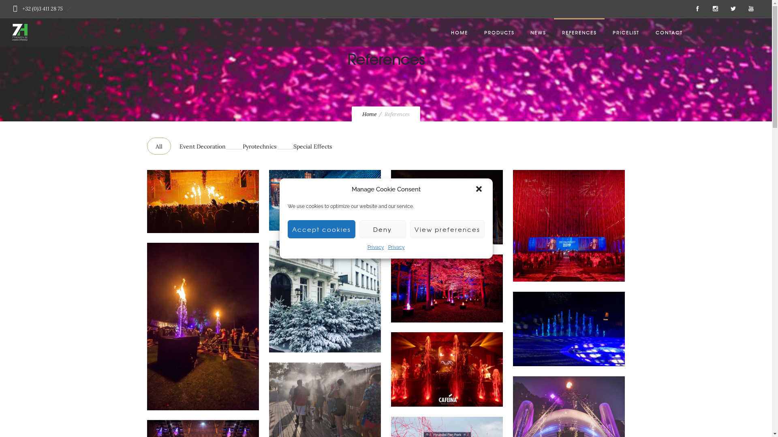 The width and height of the screenshot is (778, 437). Describe the element at coordinates (579, 32) in the screenshot. I see `'REFERENCES'` at that location.